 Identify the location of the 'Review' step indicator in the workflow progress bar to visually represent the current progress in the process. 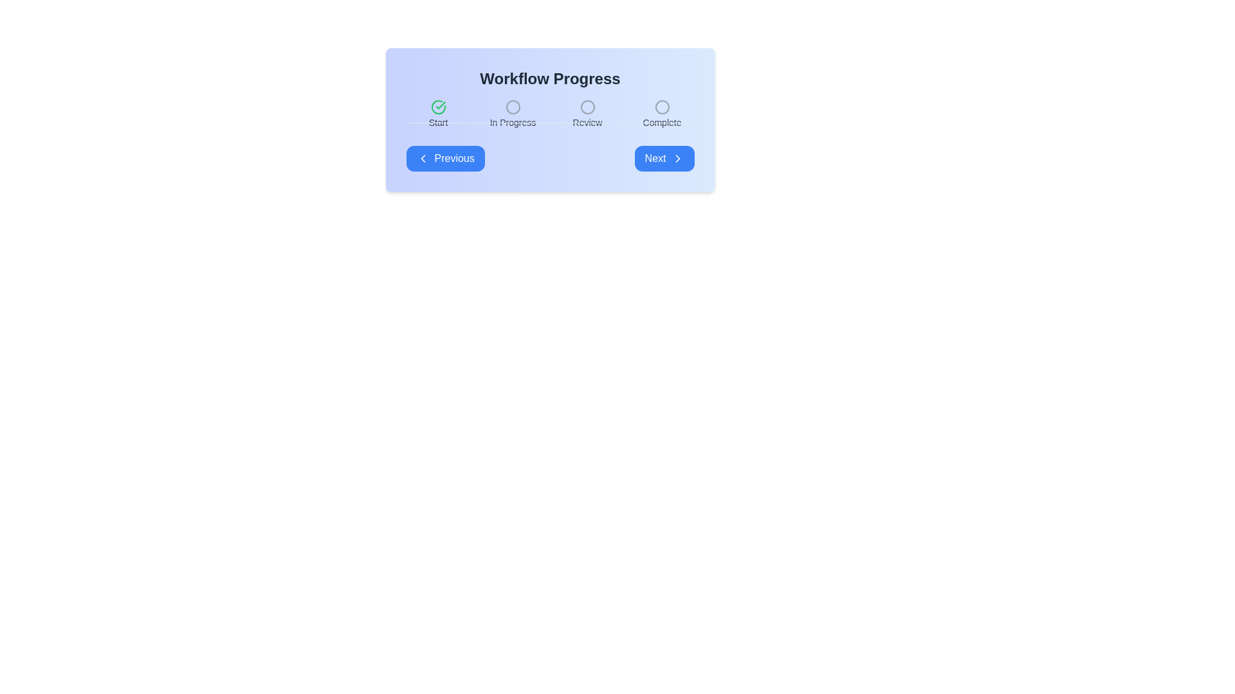
(587, 114).